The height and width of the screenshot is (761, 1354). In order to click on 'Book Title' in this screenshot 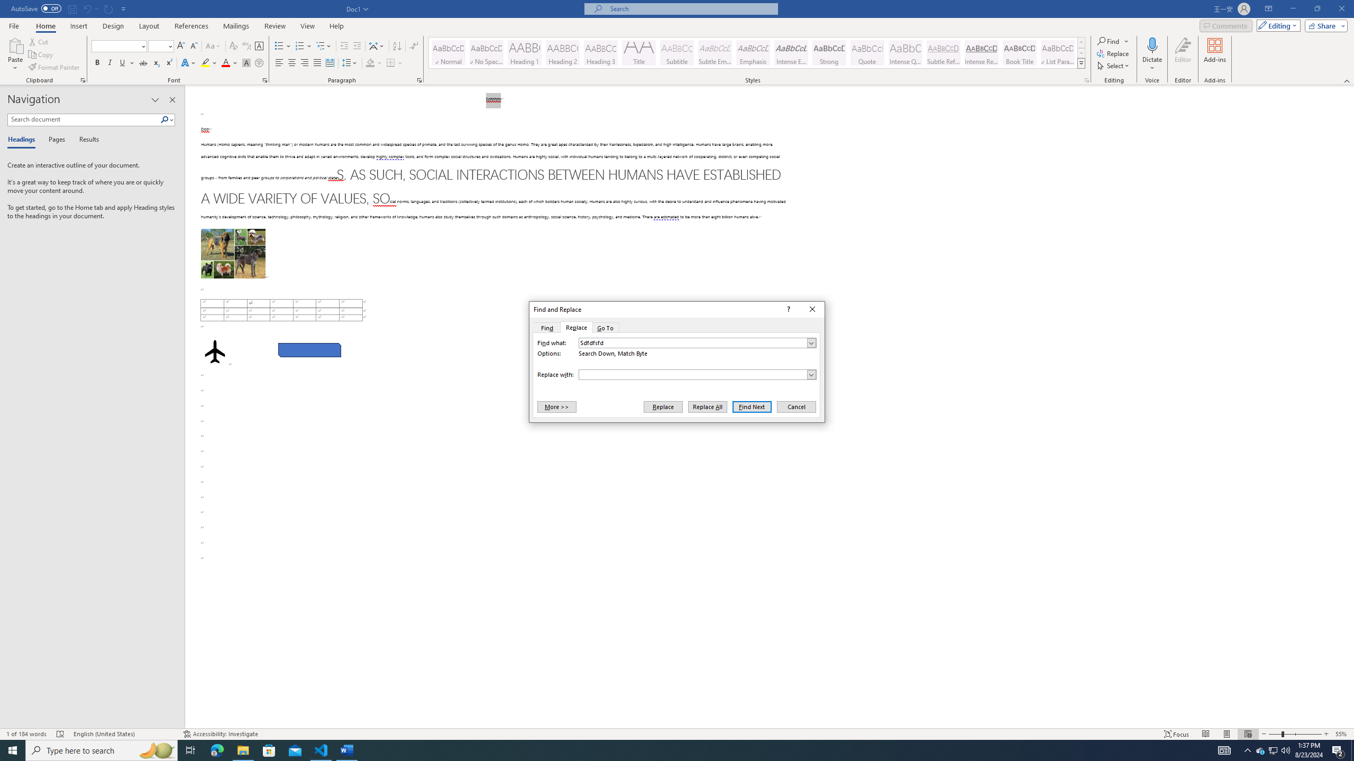, I will do `click(1019, 52)`.